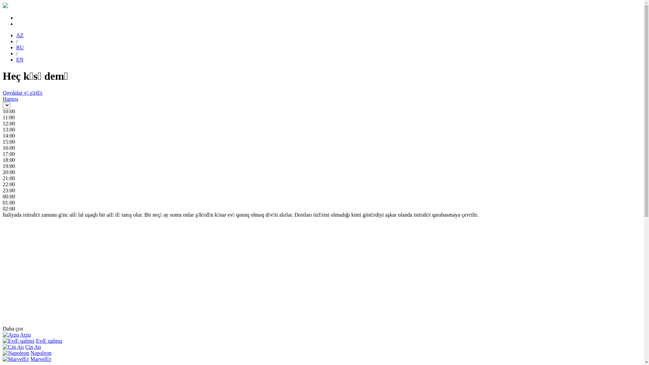 The image size is (649, 365). I want to click on 'AZ', so click(20, 35).